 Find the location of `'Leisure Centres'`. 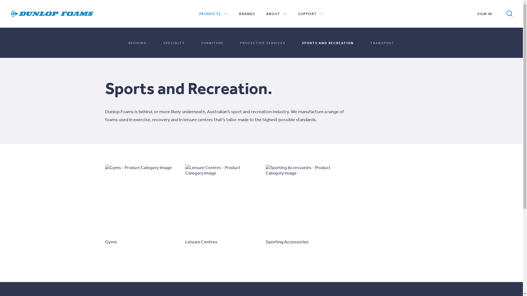

'Leisure Centres' is located at coordinates (221, 205).